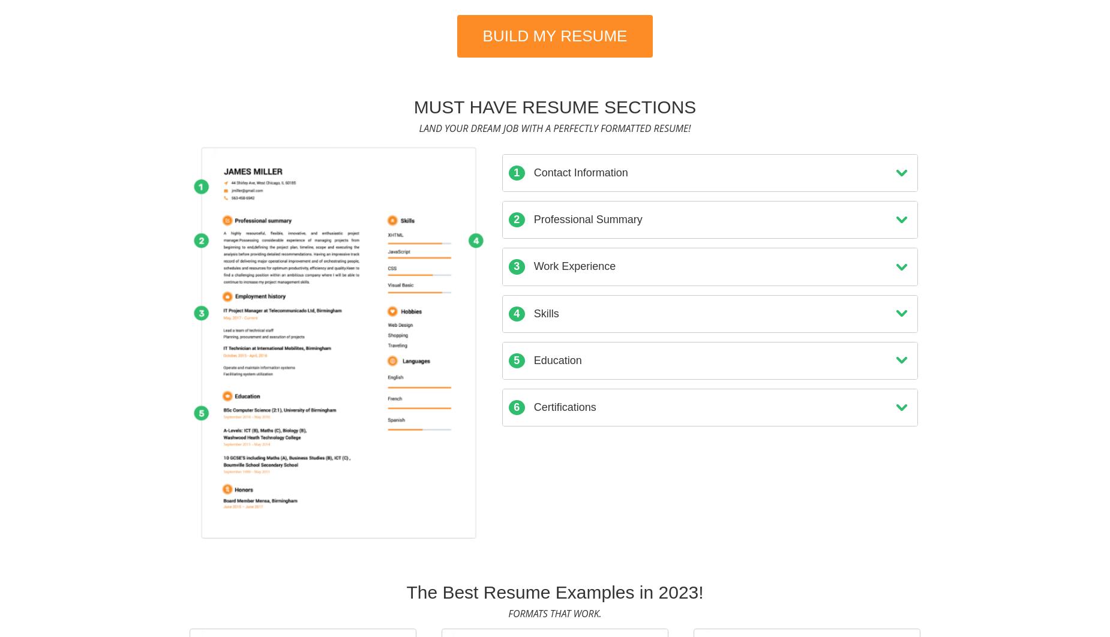 The width and height of the screenshot is (1110, 637). Describe the element at coordinates (578, 171) in the screenshot. I see `'Contact Information'` at that location.